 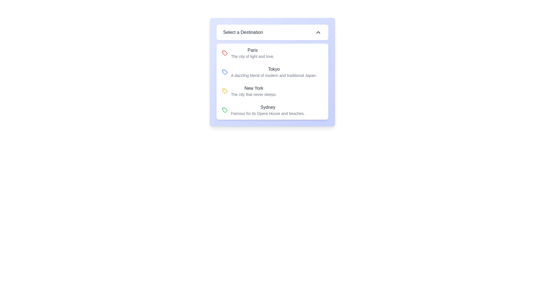 I want to click on the second item in a vertical list that represents the selectable option for the destination 'Tokyo', so click(x=272, y=72).